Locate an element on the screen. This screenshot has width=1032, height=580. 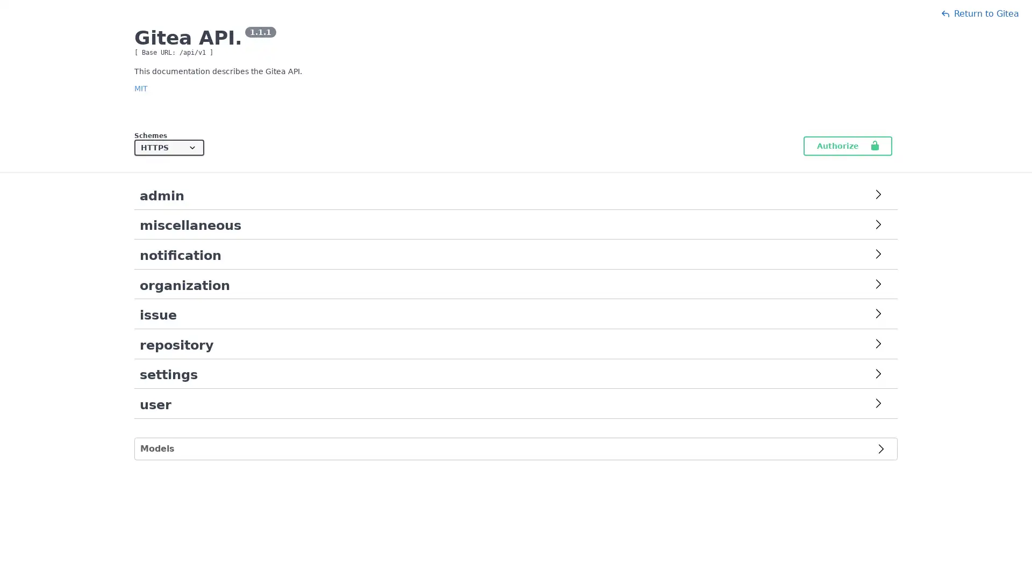
Expand operation is located at coordinates (878, 404).